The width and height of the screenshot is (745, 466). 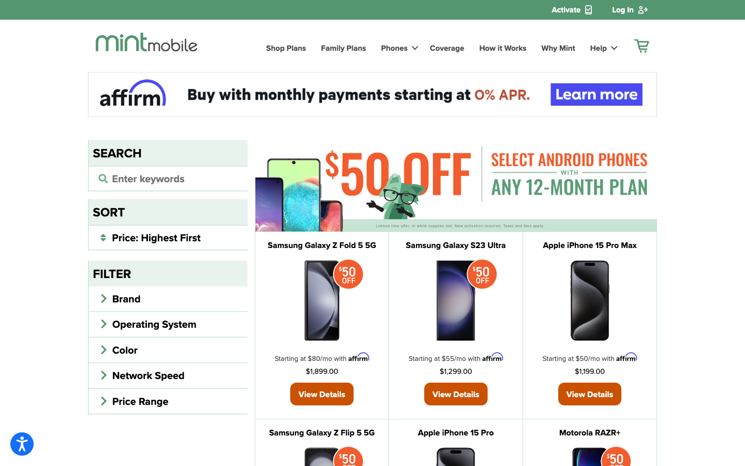 I want to click on Visit the Phones category, so click(x=397, y=47).